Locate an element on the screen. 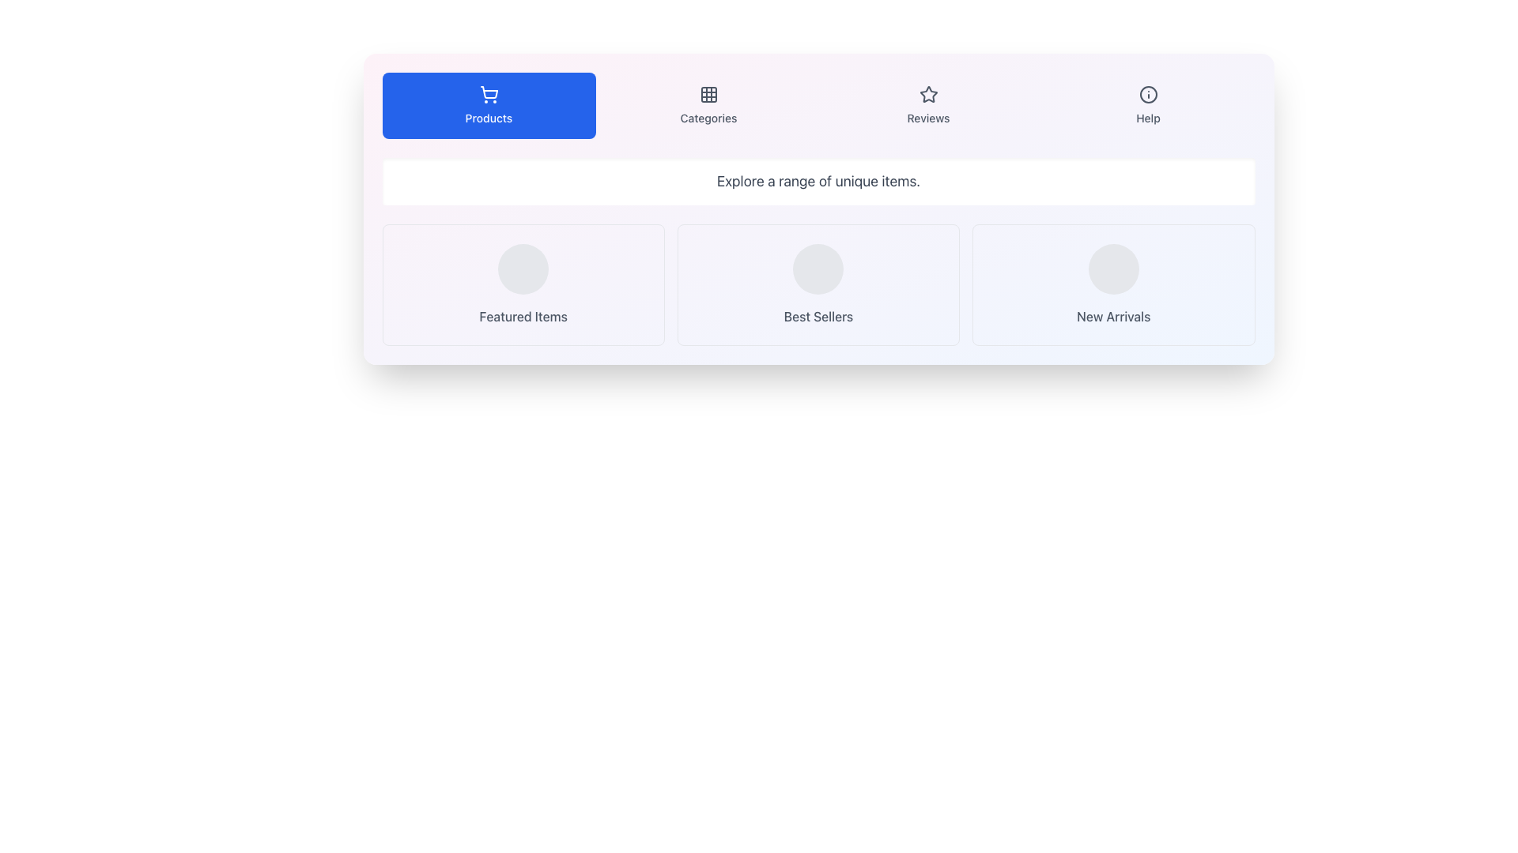 The width and height of the screenshot is (1518, 853). the 'Categories' label, which is the text label of the second button from the left in the horizontal navigation group at the top of the interface, located below a grid icon is located at coordinates (708, 118).